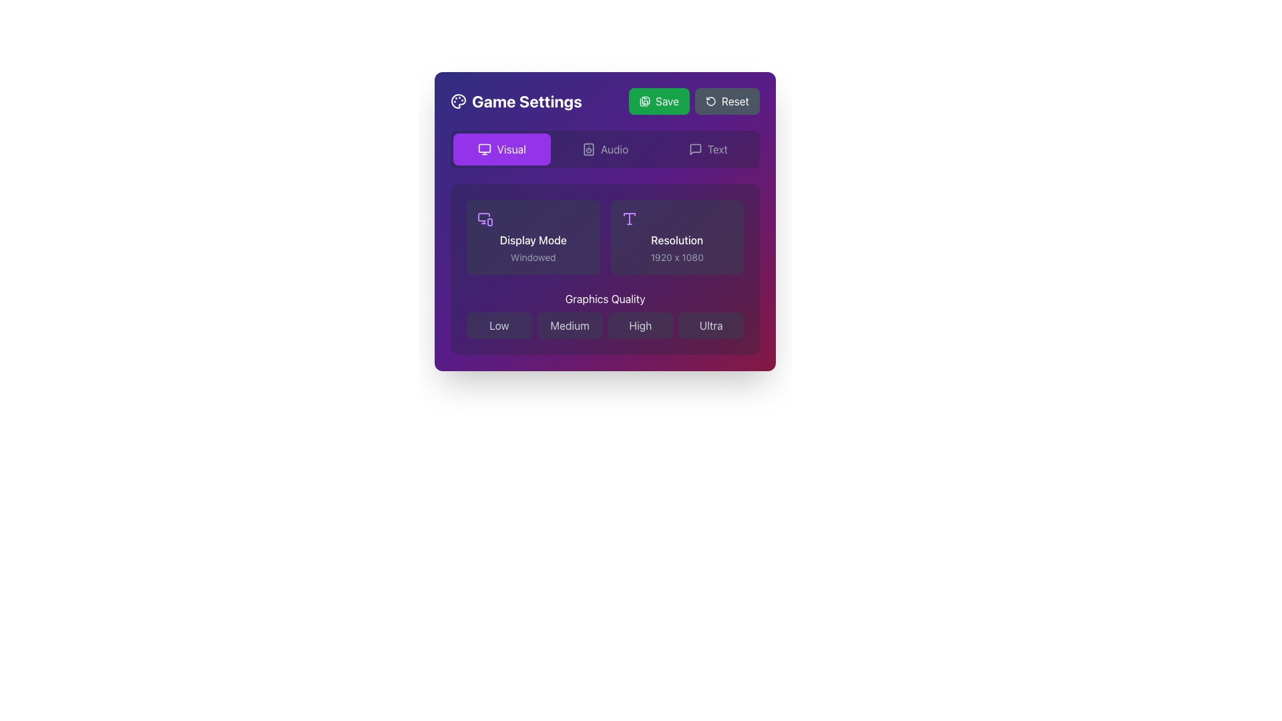 The image size is (1282, 721). I want to click on the rectangular button labeled 'Text' with a speech bubble icon on its left, located at the top-right of the main settings panel, so click(707, 149).